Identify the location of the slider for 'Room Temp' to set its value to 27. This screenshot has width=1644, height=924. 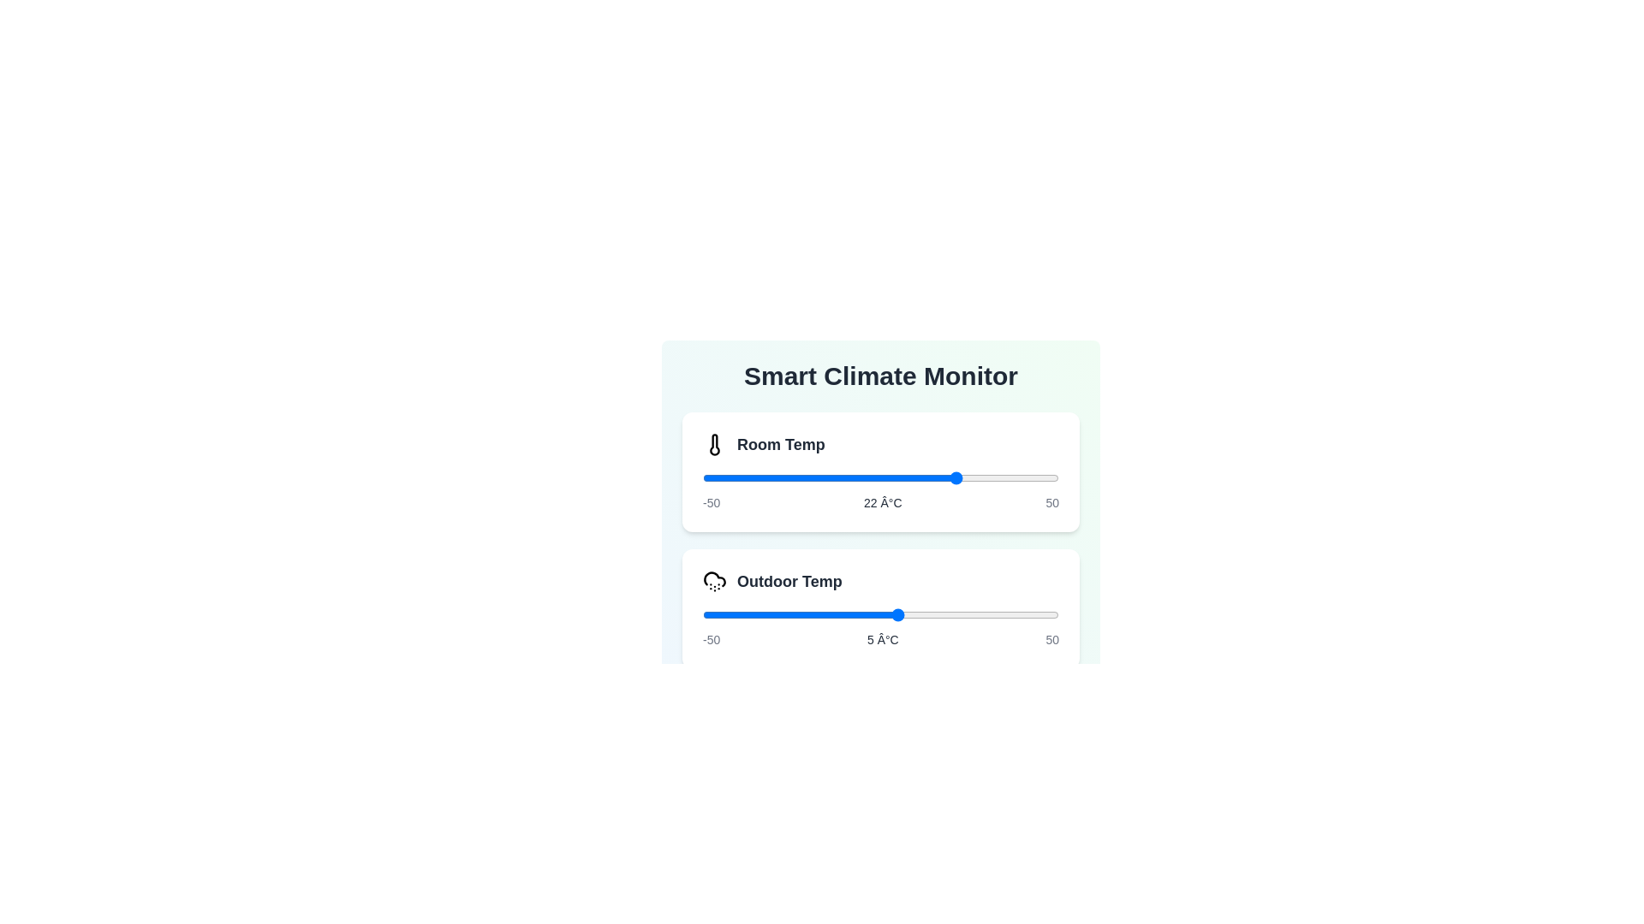
(977, 478).